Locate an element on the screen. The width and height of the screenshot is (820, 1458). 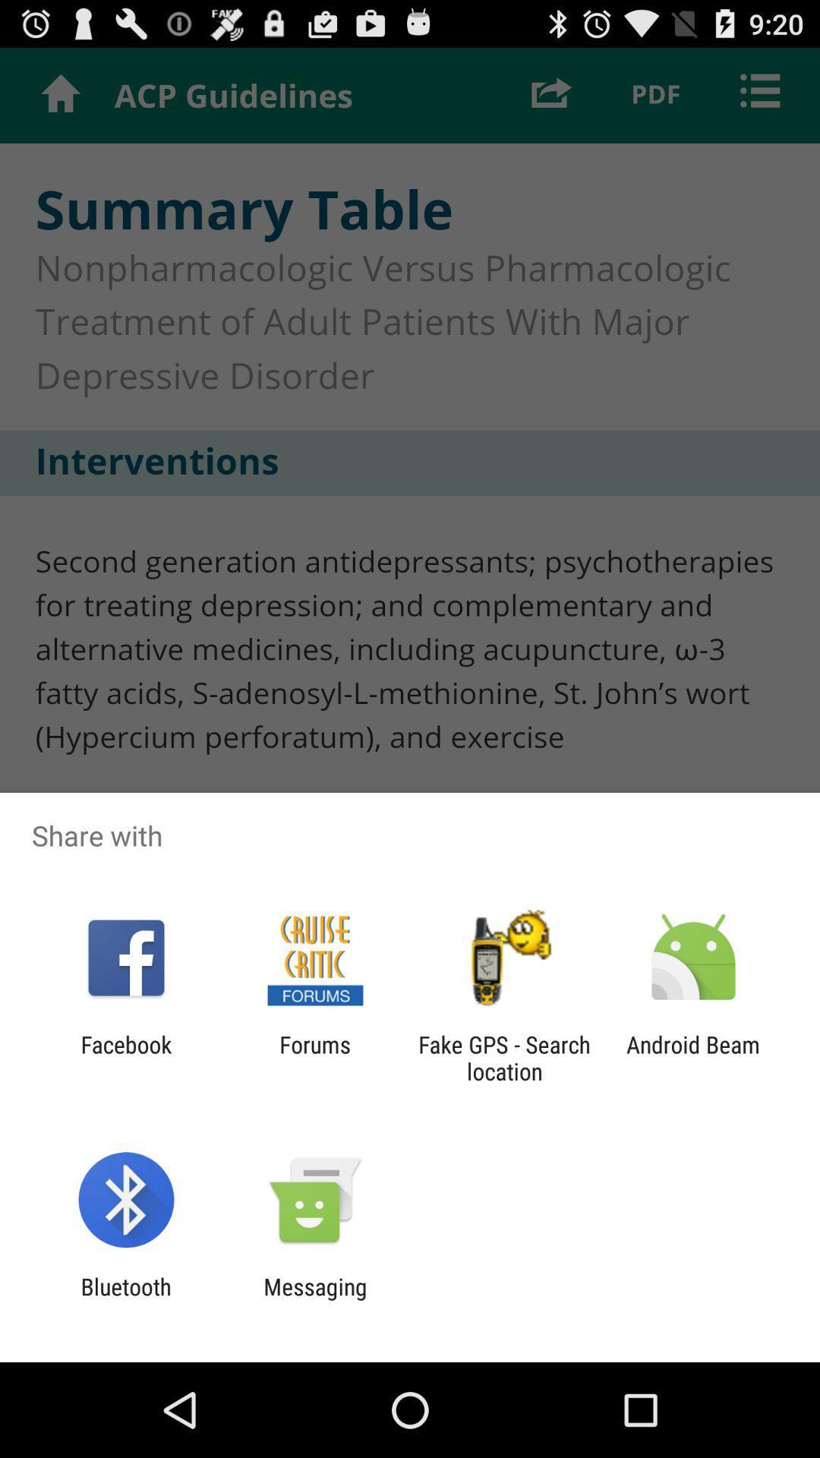
the icon to the left of the forums is located at coordinates (125, 1057).